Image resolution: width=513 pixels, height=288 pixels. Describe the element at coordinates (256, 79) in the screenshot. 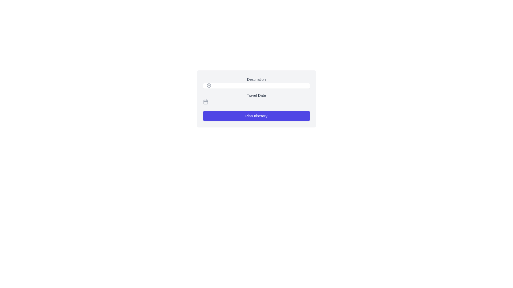

I see `the 'Destination' text label, which is styled in a small, medium-weight gray font and positioned above a text input field` at that location.